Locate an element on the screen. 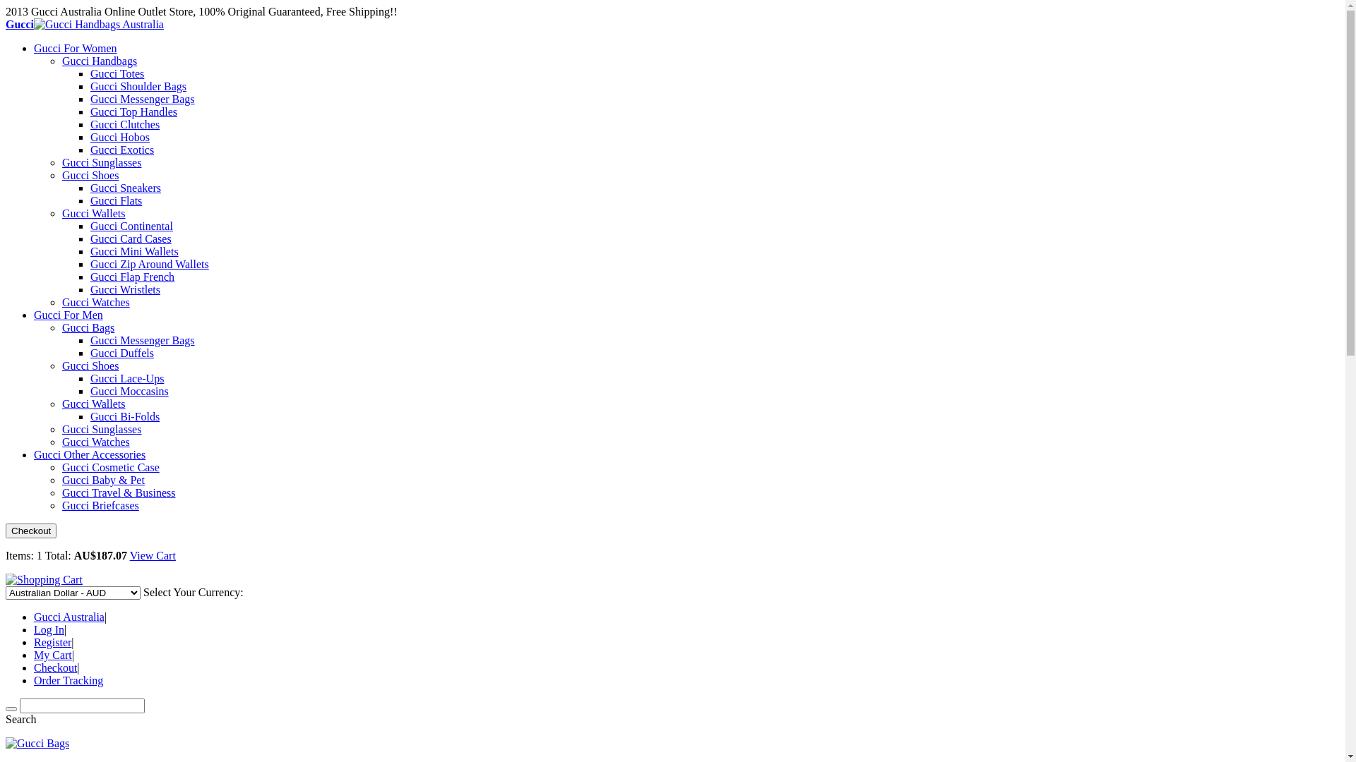 The width and height of the screenshot is (1356, 762). 'Gucci Baby & Pet' is located at coordinates (102, 479).